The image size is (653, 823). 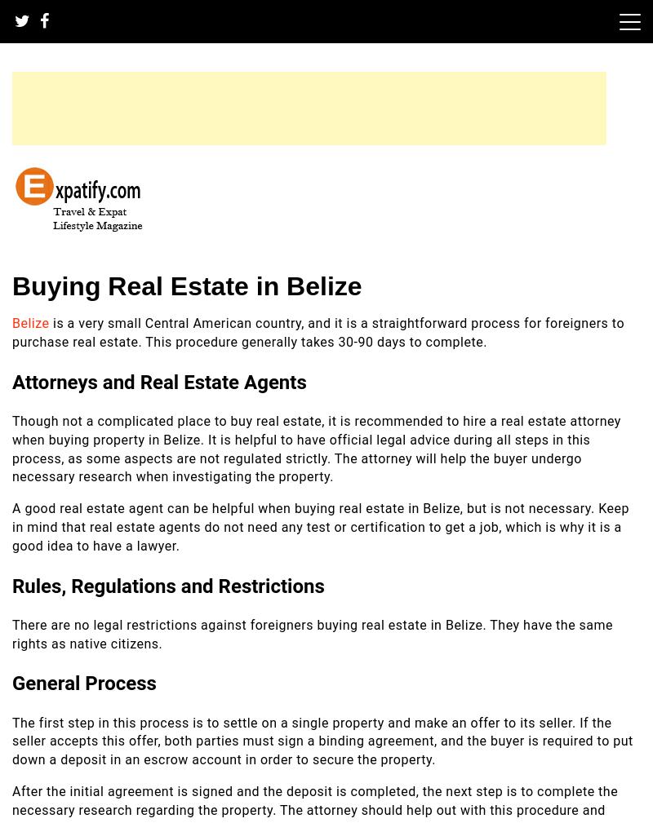 I want to click on 'Expatify', so click(x=11, y=261).